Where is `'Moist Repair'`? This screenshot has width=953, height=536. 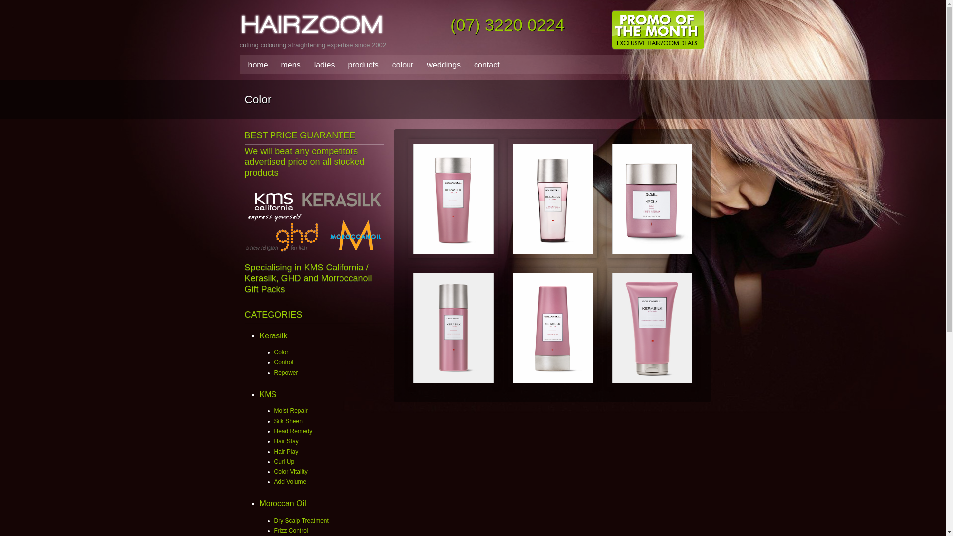
'Moist Repair' is located at coordinates (290, 411).